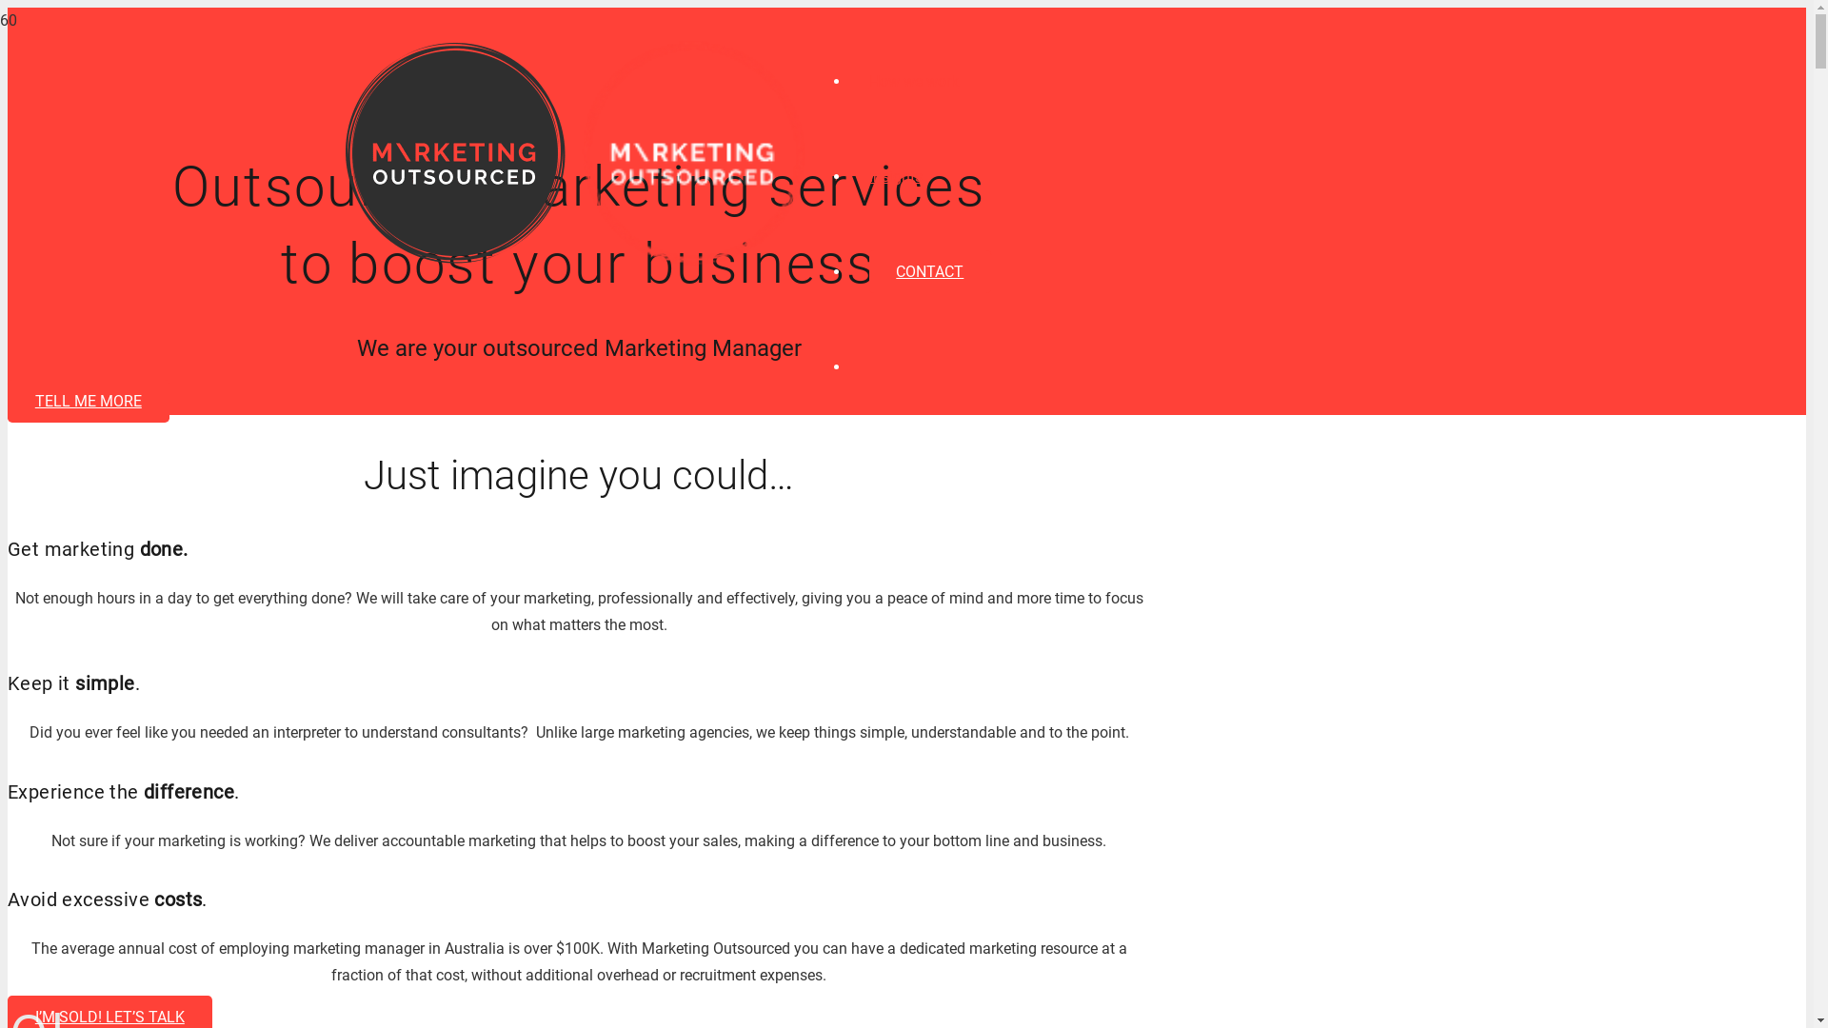 This screenshot has width=1828, height=1028. What do you see at coordinates (929, 271) in the screenshot?
I see `'CONTACT'` at bounding box center [929, 271].